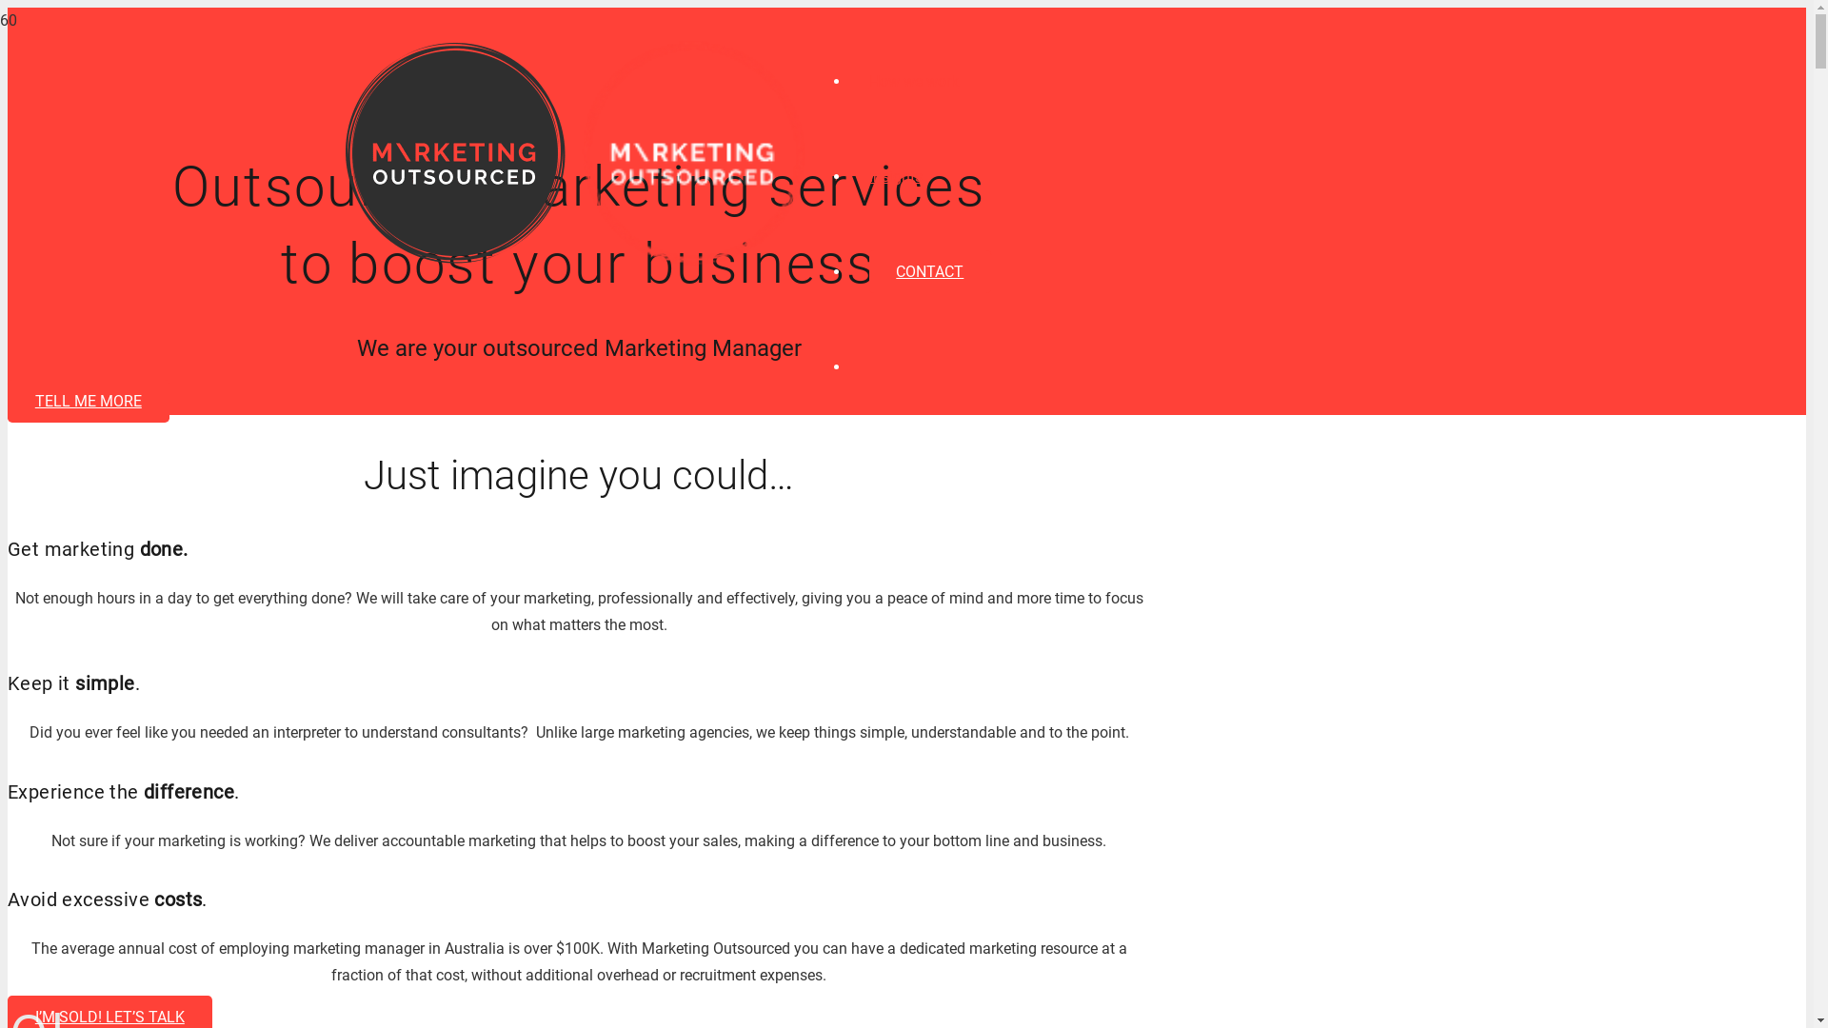 This screenshot has width=1828, height=1028. What do you see at coordinates (929, 271) in the screenshot?
I see `'CONTACT'` at bounding box center [929, 271].